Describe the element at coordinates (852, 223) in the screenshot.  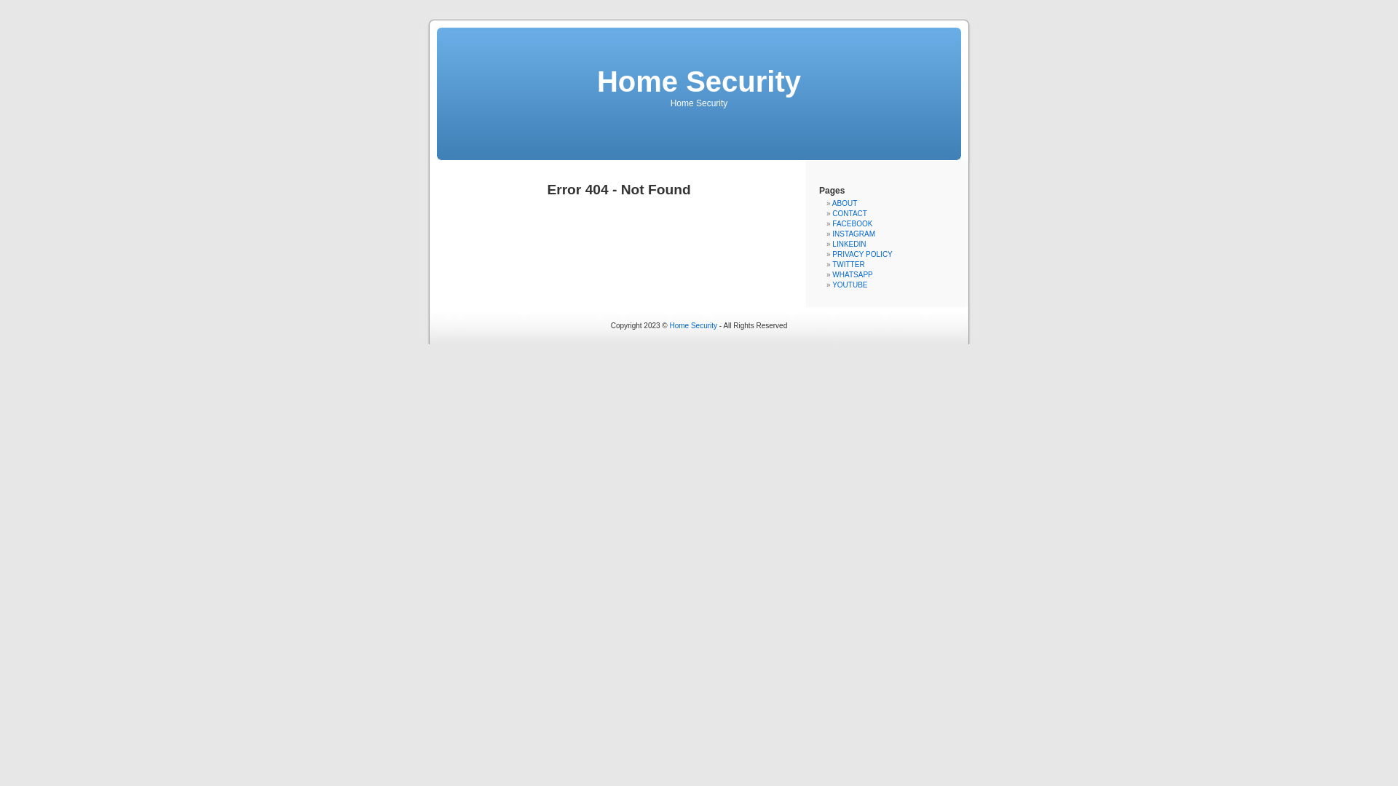
I see `'FACEBOOK'` at that location.